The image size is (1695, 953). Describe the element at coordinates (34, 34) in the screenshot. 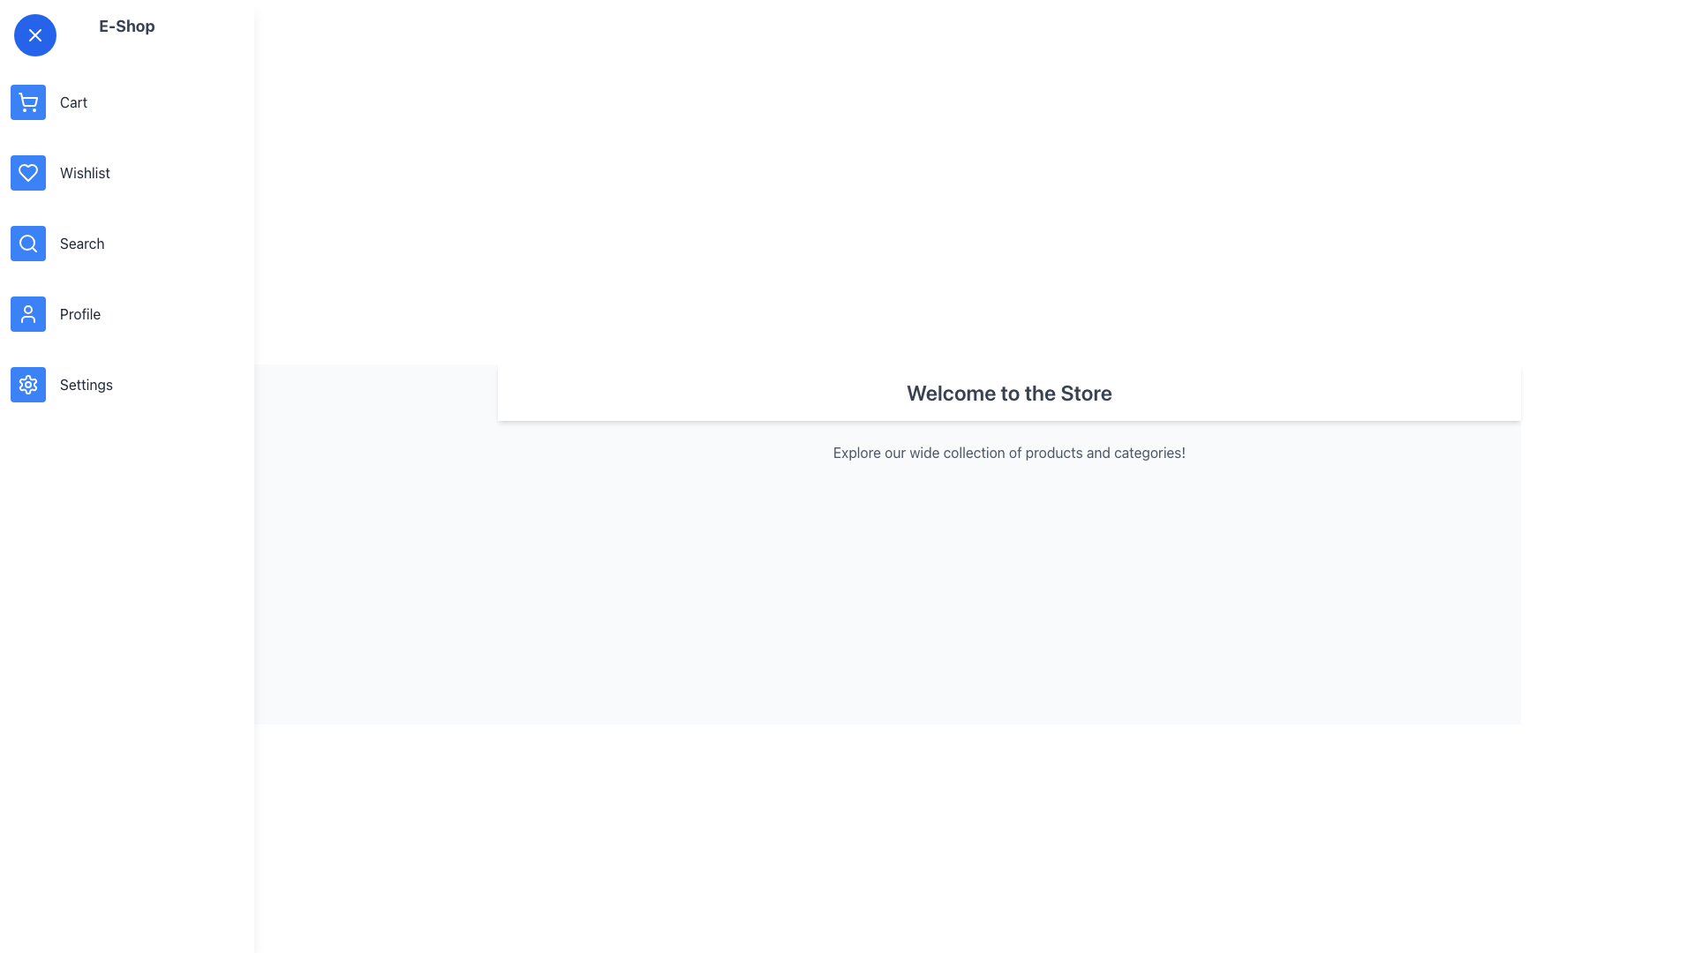

I see `the small cross ('x') icon button with a circular blue background located in the top-left corner of the interface` at that location.